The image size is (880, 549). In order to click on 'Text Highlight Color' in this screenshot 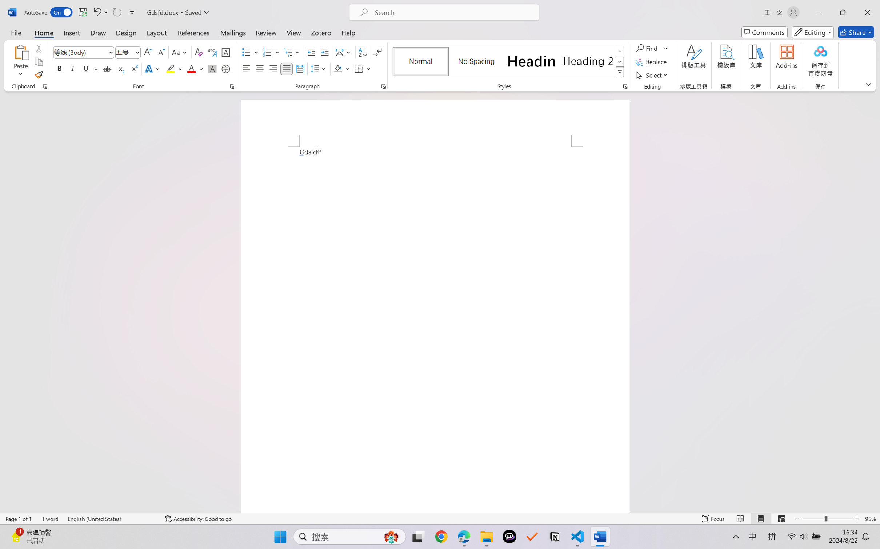, I will do `click(173, 68)`.